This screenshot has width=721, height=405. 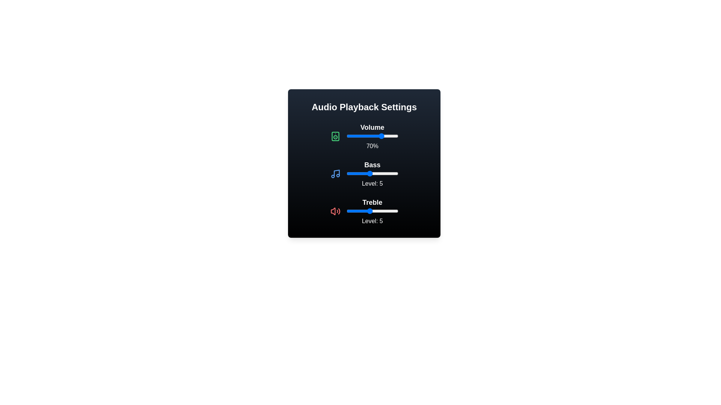 I want to click on bass level, so click(x=392, y=173).